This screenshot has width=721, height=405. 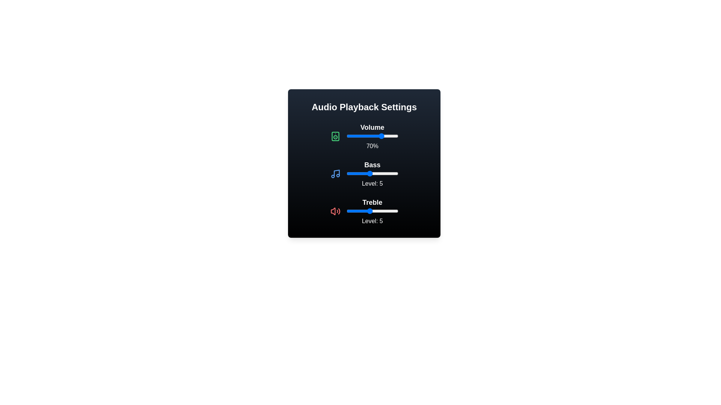 I want to click on bass level, so click(x=392, y=173).